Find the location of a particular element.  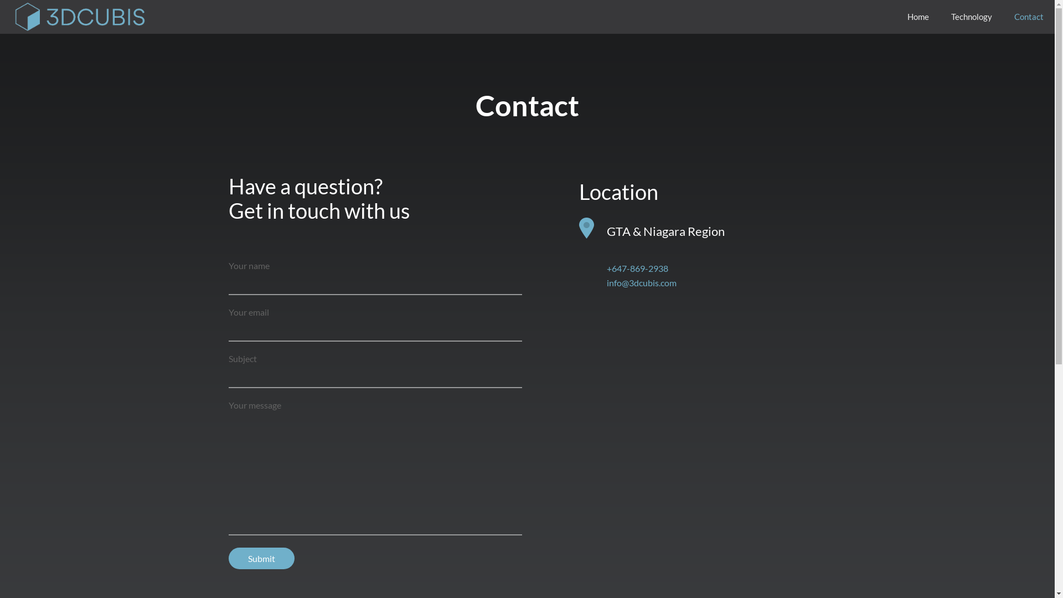

'Technology' is located at coordinates (971, 17).